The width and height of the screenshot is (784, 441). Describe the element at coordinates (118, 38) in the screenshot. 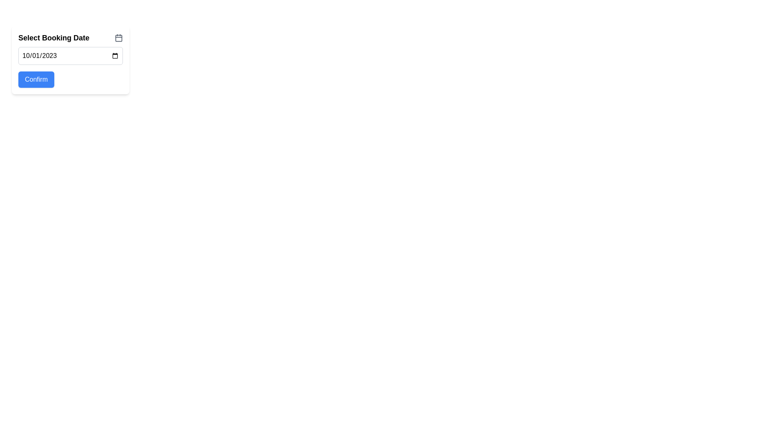

I see `the visual representation of the calendar icon, which is a monochromatic gray icon with an outline design, featuring two vertical lines at the top and a rectangular grid below, located to the right of the text 'Select Booking Date.'` at that location.